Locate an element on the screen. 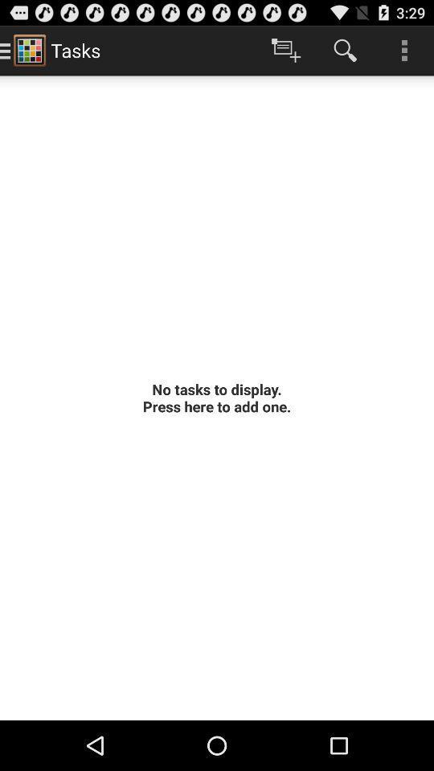 This screenshot has width=434, height=771. item above no tasks to item is located at coordinates (344, 50).